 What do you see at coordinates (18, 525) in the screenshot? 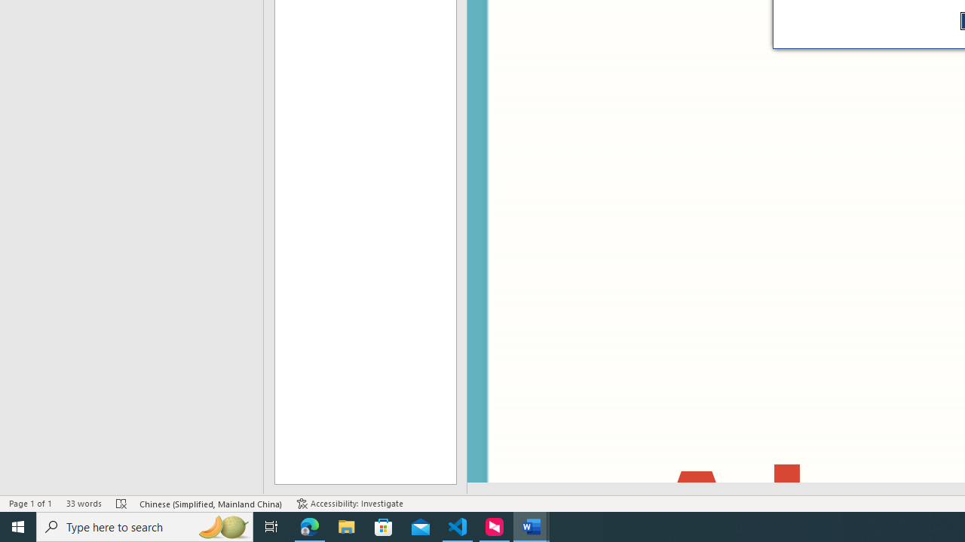
I see `'Start'` at bounding box center [18, 525].